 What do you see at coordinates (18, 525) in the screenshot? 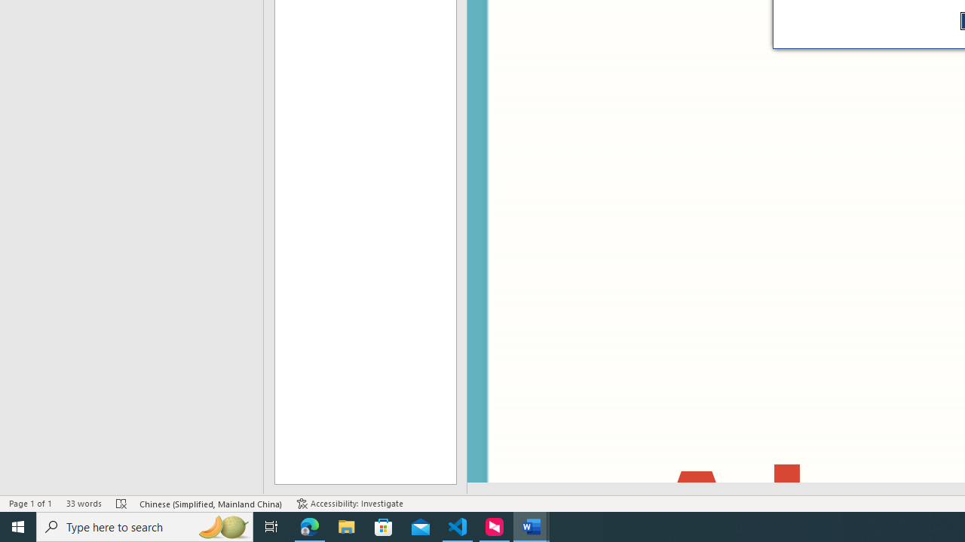
I see `'Start'` at bounding box center [18, 525].